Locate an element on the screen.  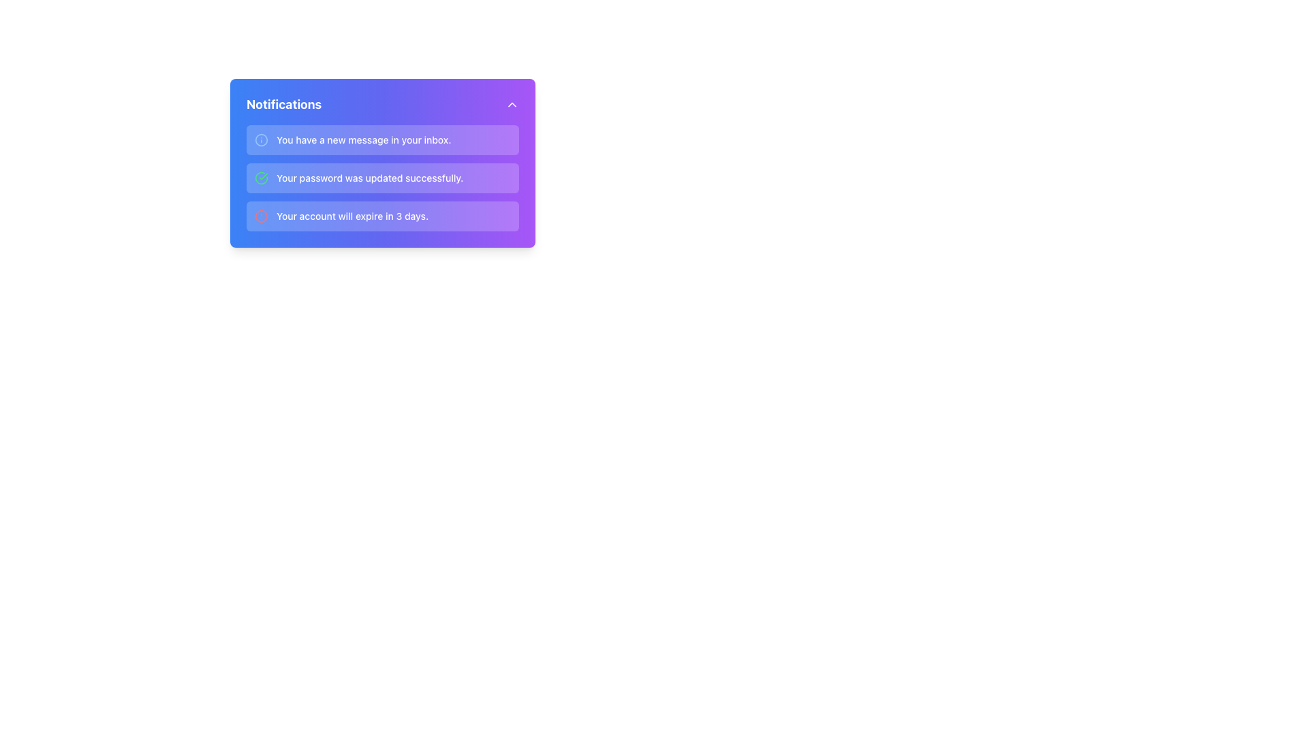
the text label displaying 'You have a new message in your inbox.' located at the center-right of the topmost notification item in the list is located at coordinates (364, 140).